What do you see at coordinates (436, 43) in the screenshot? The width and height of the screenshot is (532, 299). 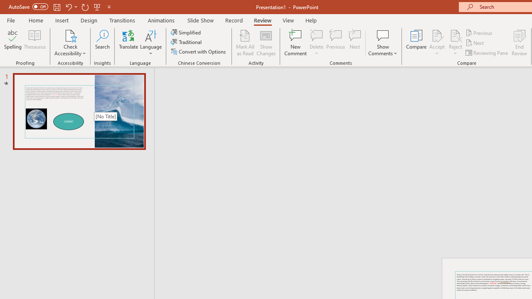 I see `'Accept'` at bounding box center [436, 43].